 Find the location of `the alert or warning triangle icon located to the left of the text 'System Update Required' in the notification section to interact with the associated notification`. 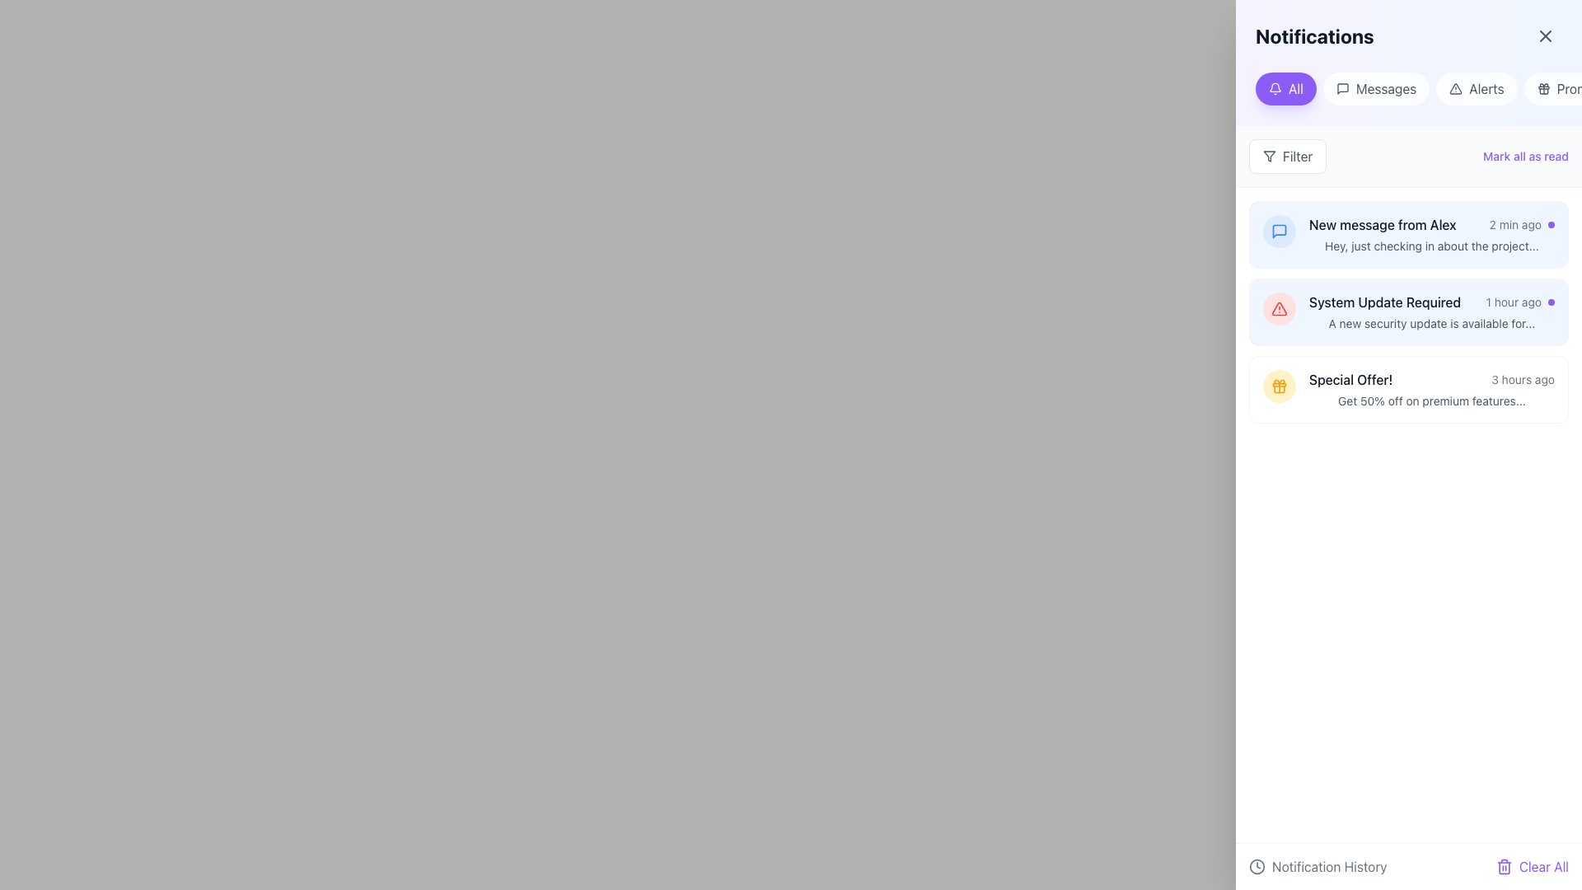

the alert or warning triangle icon located to the left of the text 'System Update Required' in the notification section to interact with the associated notification is located at coordinates (1278, 308).